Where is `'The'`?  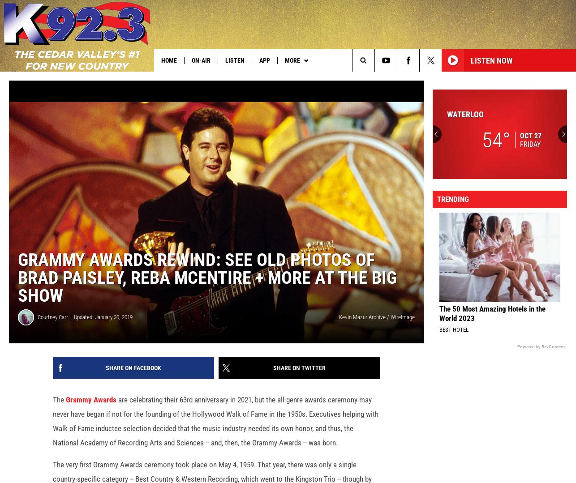 'The' is located at coordinates (59, 414).